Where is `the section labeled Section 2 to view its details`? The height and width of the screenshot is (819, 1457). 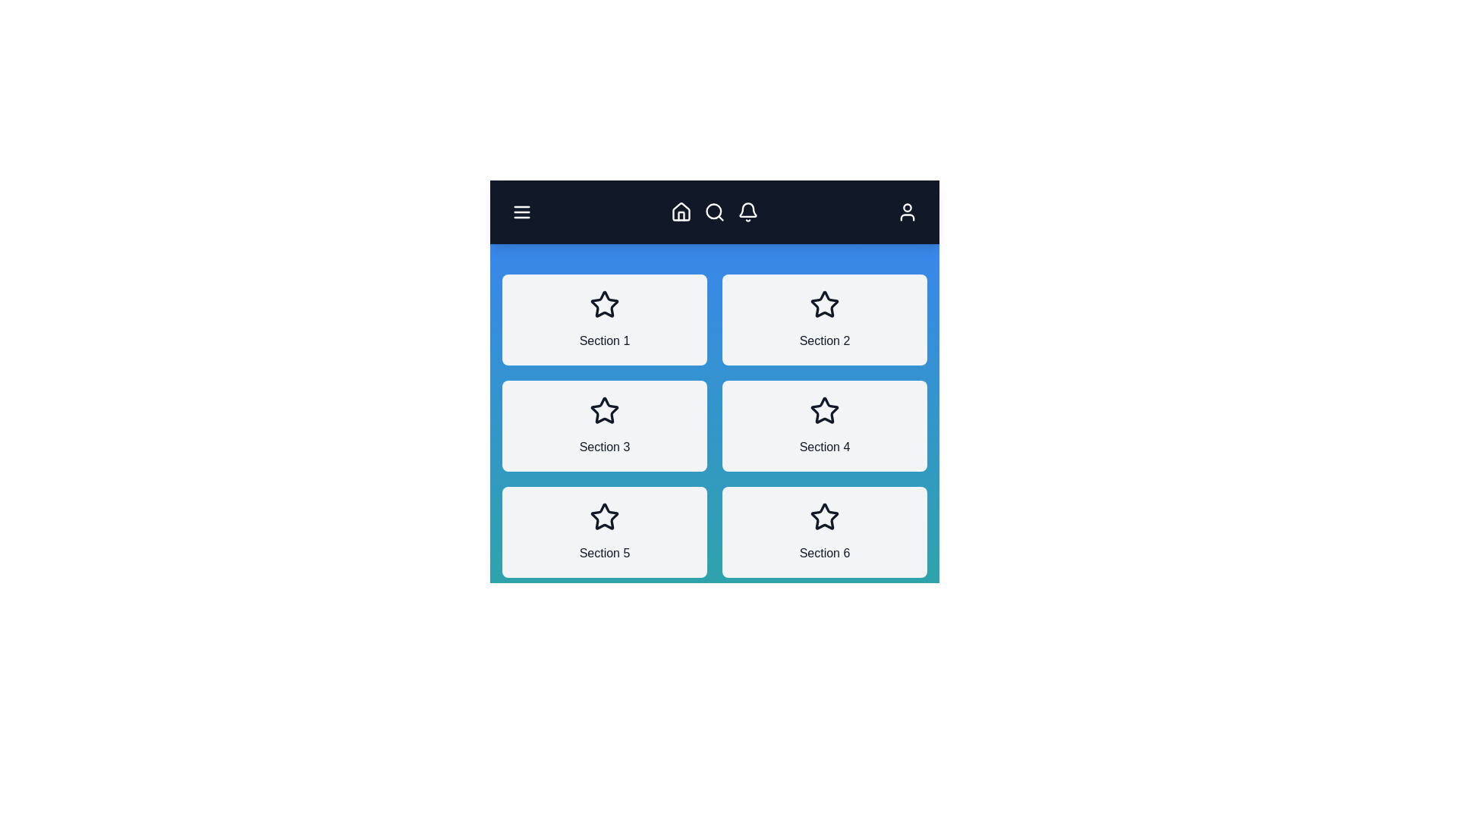
the section labeled Section 2 to view its details is located at coordinates (823, 318).